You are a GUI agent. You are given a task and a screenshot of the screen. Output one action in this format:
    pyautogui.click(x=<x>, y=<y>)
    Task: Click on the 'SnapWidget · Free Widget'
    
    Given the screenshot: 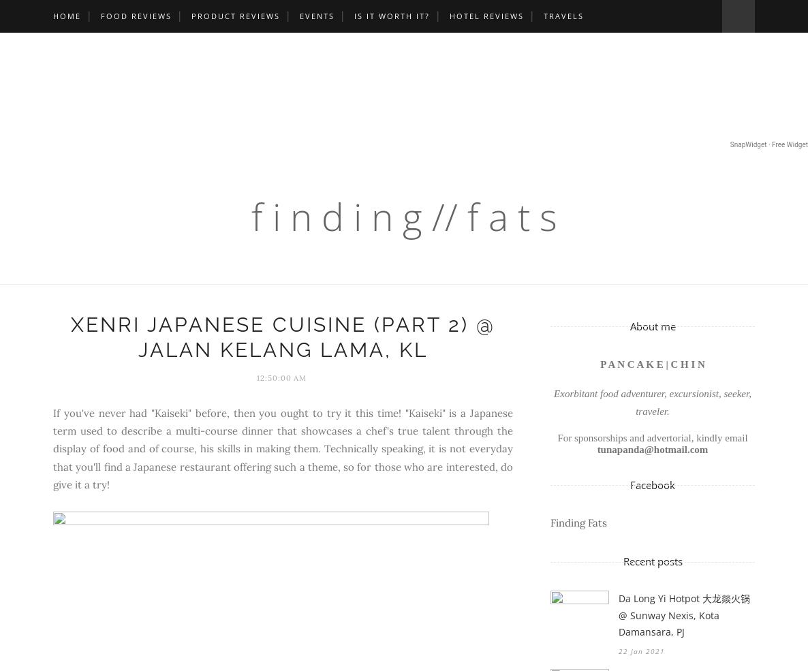 What is the action you would take?
    pyautogui.click(x=768, y=144)
    